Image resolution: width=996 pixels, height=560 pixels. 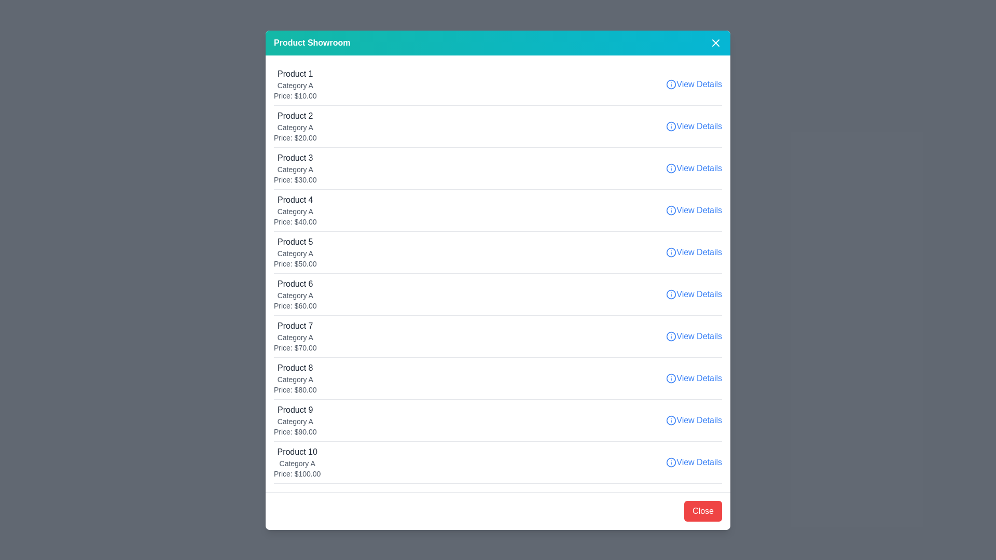 What do you see at coordinates (703, 510) in the screenshot?
I see `the Close button in the footer to close the dialog` at bounding box center [703, 510].